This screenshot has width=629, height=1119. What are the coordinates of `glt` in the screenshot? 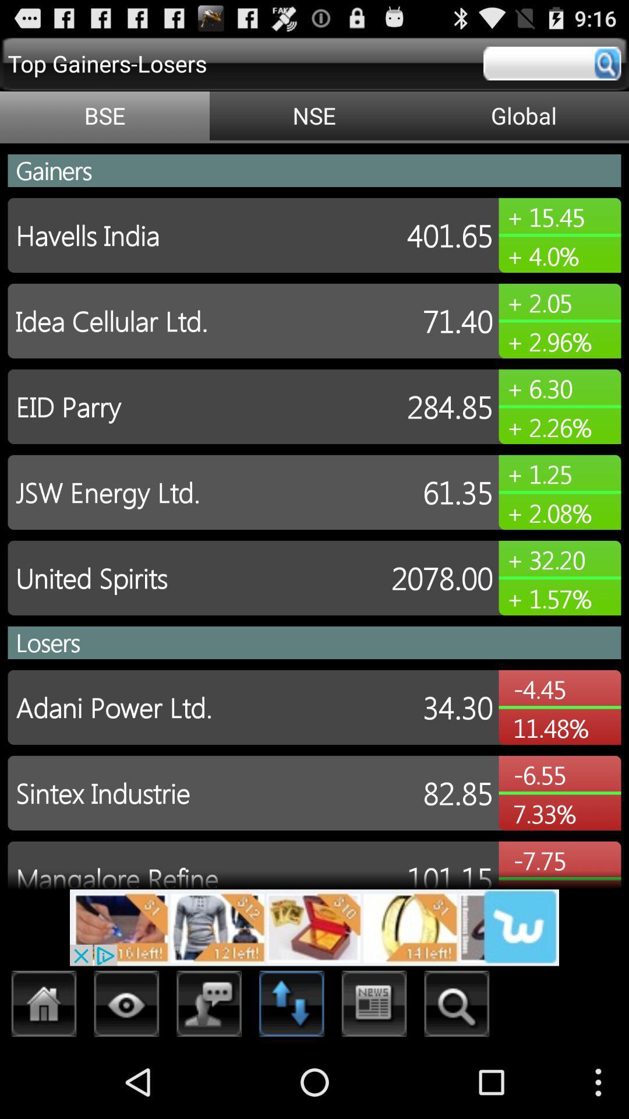 It's located at (44, 1007).